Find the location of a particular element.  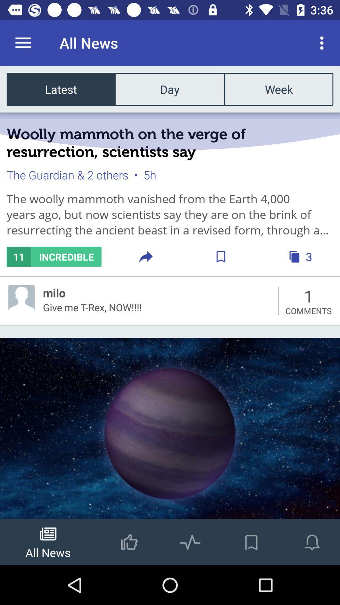

the icon to the left of week is located at coordinates (169, 89).